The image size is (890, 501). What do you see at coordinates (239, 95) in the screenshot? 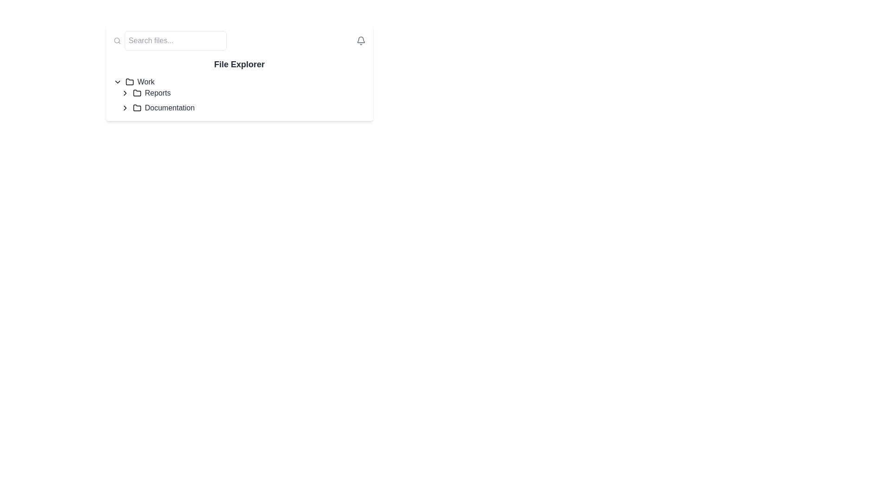
I see `the collapsible folder structure item` at bounding box center [239, 95].